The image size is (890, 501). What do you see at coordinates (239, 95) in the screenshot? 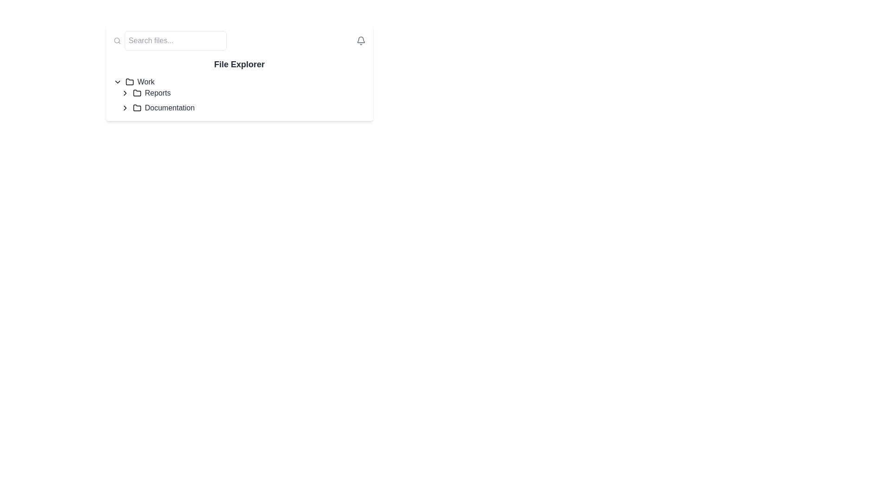
I see `the collapsible folder structure item` at bounding box center [239, 95].